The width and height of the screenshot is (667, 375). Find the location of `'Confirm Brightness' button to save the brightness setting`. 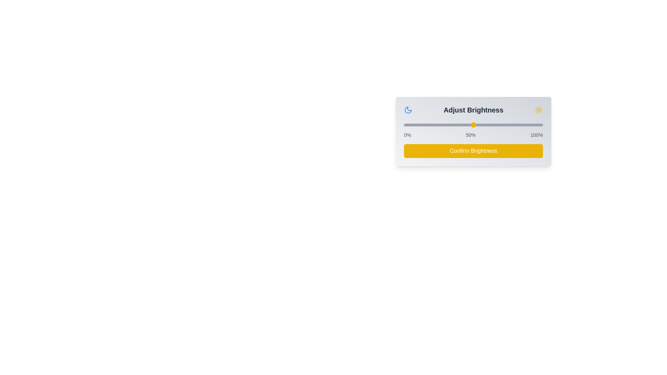

'Confirm Brightness' button to save the brightness setting is located at coordinates (473, 151).